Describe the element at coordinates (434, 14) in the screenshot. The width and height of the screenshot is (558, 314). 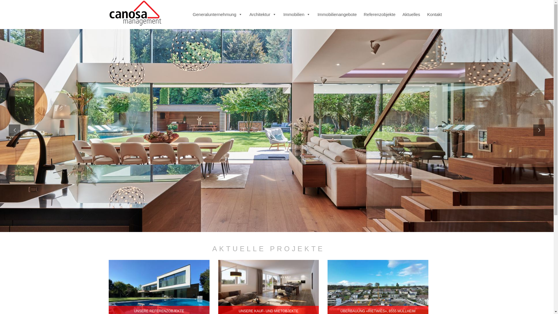
I see `'Kontakt'` at that location.